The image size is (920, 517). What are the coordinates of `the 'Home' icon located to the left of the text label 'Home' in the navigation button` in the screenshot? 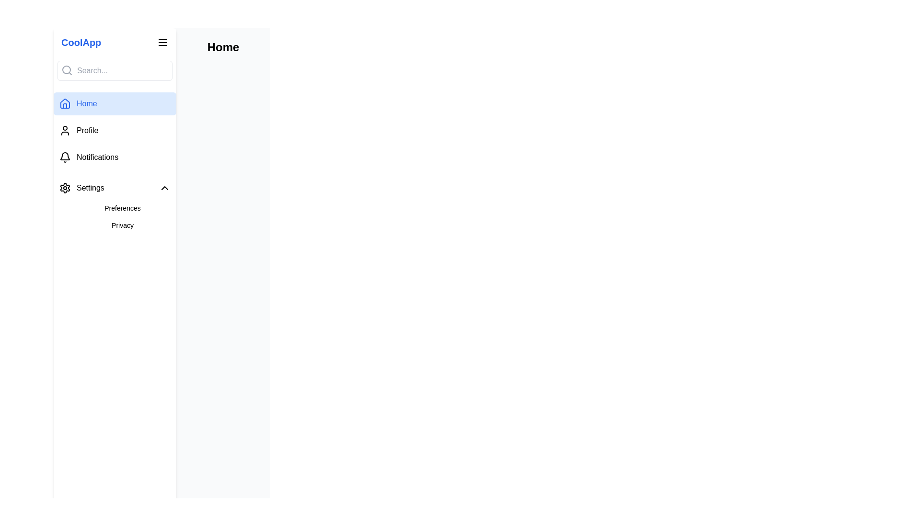 It's located at (64, 103).